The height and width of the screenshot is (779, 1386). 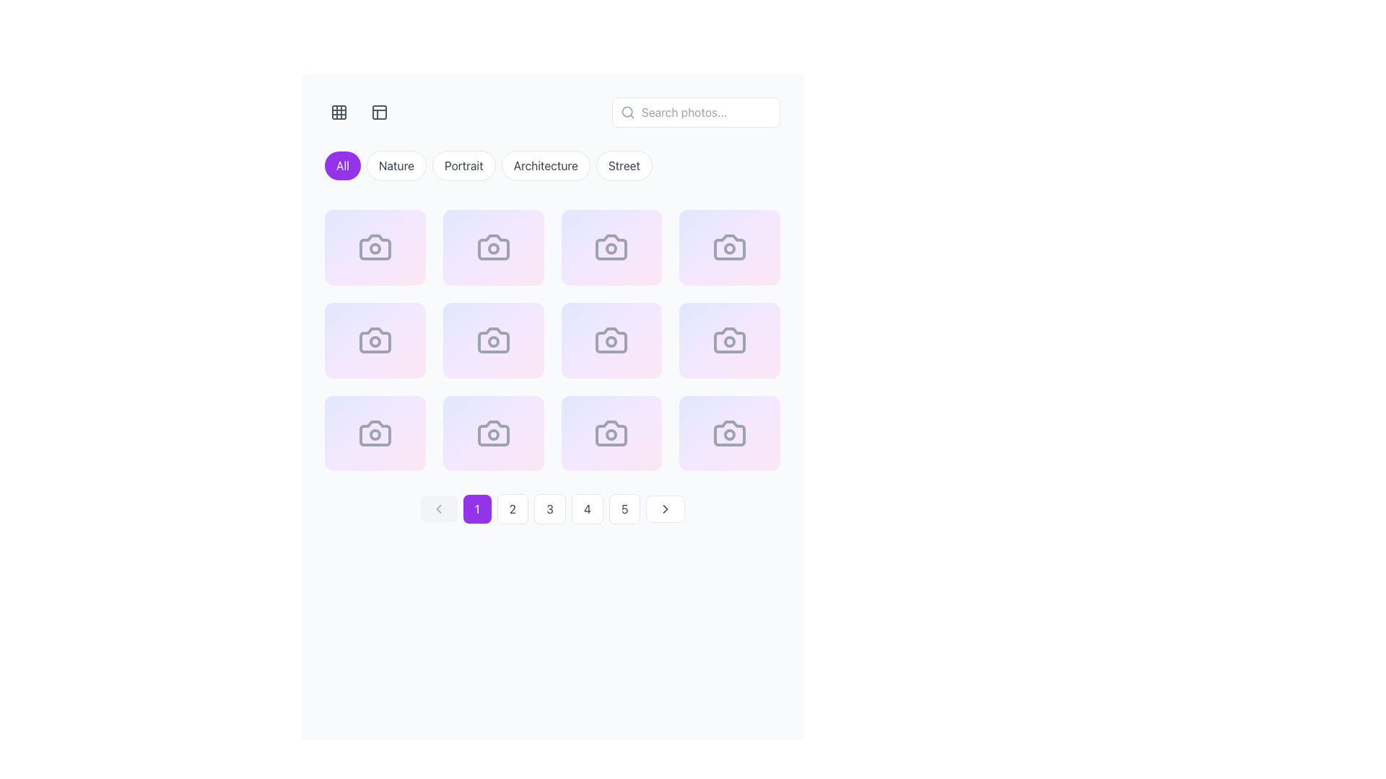 What do you see at coordinates (342, 165) in the screenshot?
I see `the active pill-shaped button with white text reading 'All'` at bounding box center [342, 165].